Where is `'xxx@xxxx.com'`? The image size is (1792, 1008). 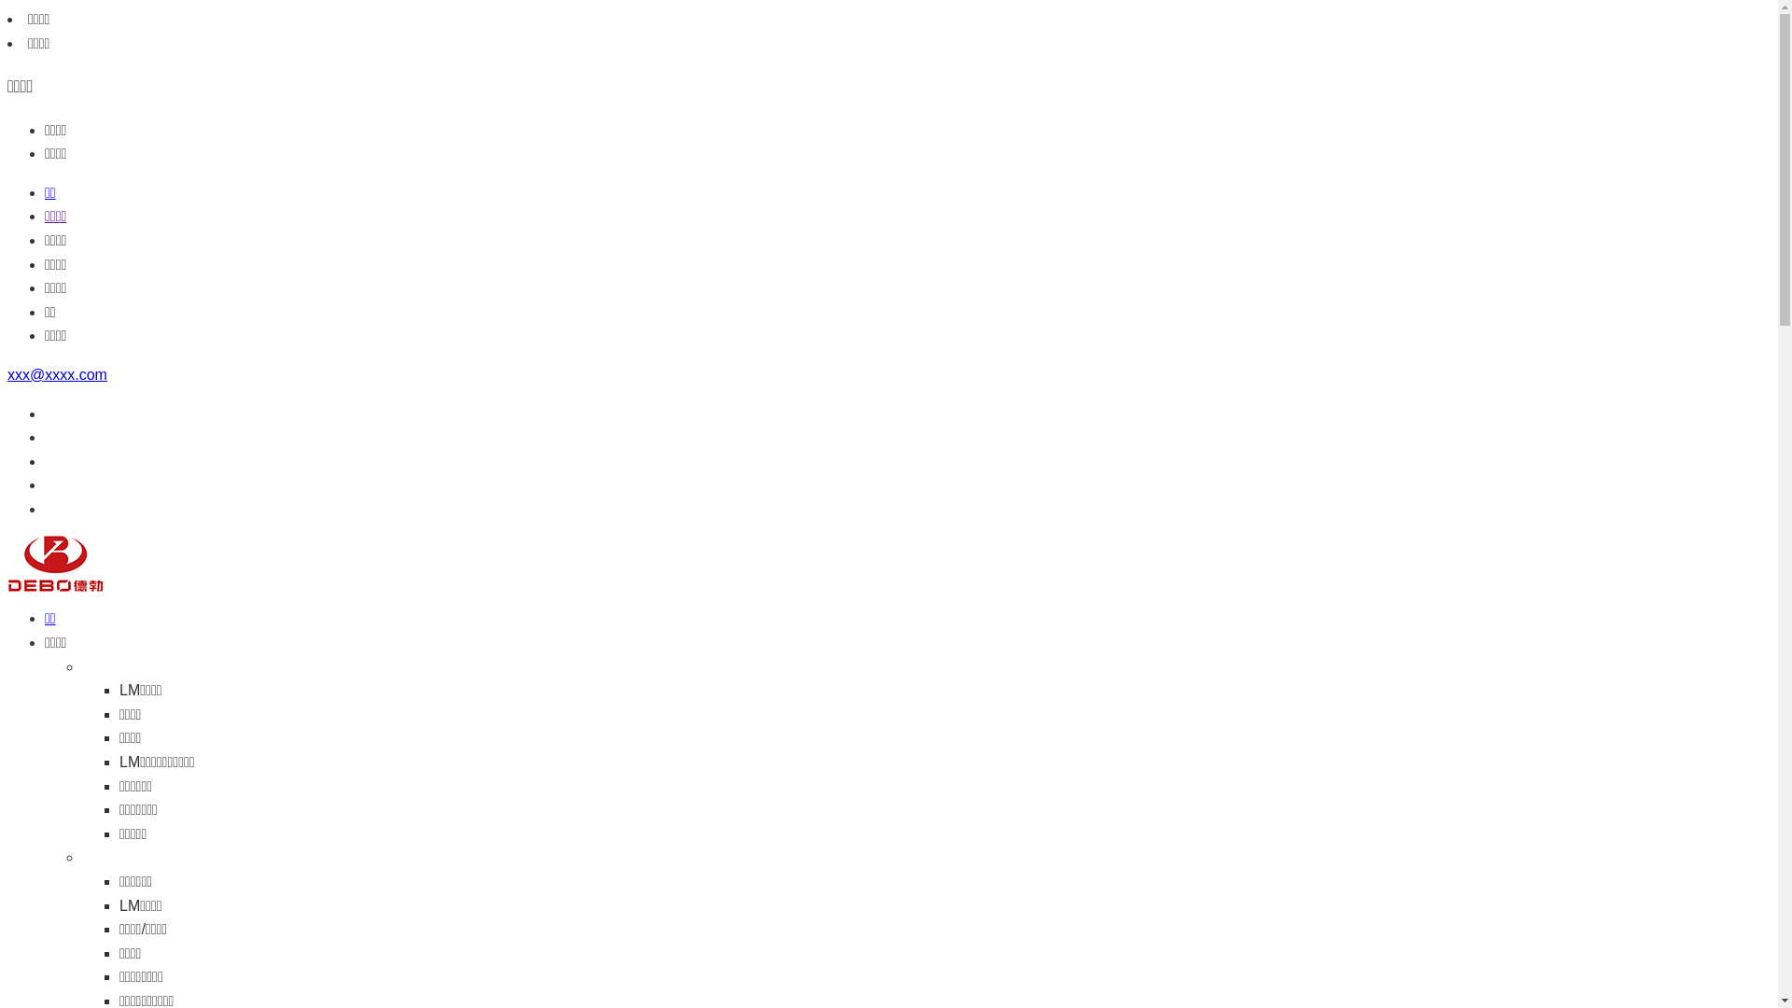 'xxx@xxxx.com' is located at coordinates (57, 374).